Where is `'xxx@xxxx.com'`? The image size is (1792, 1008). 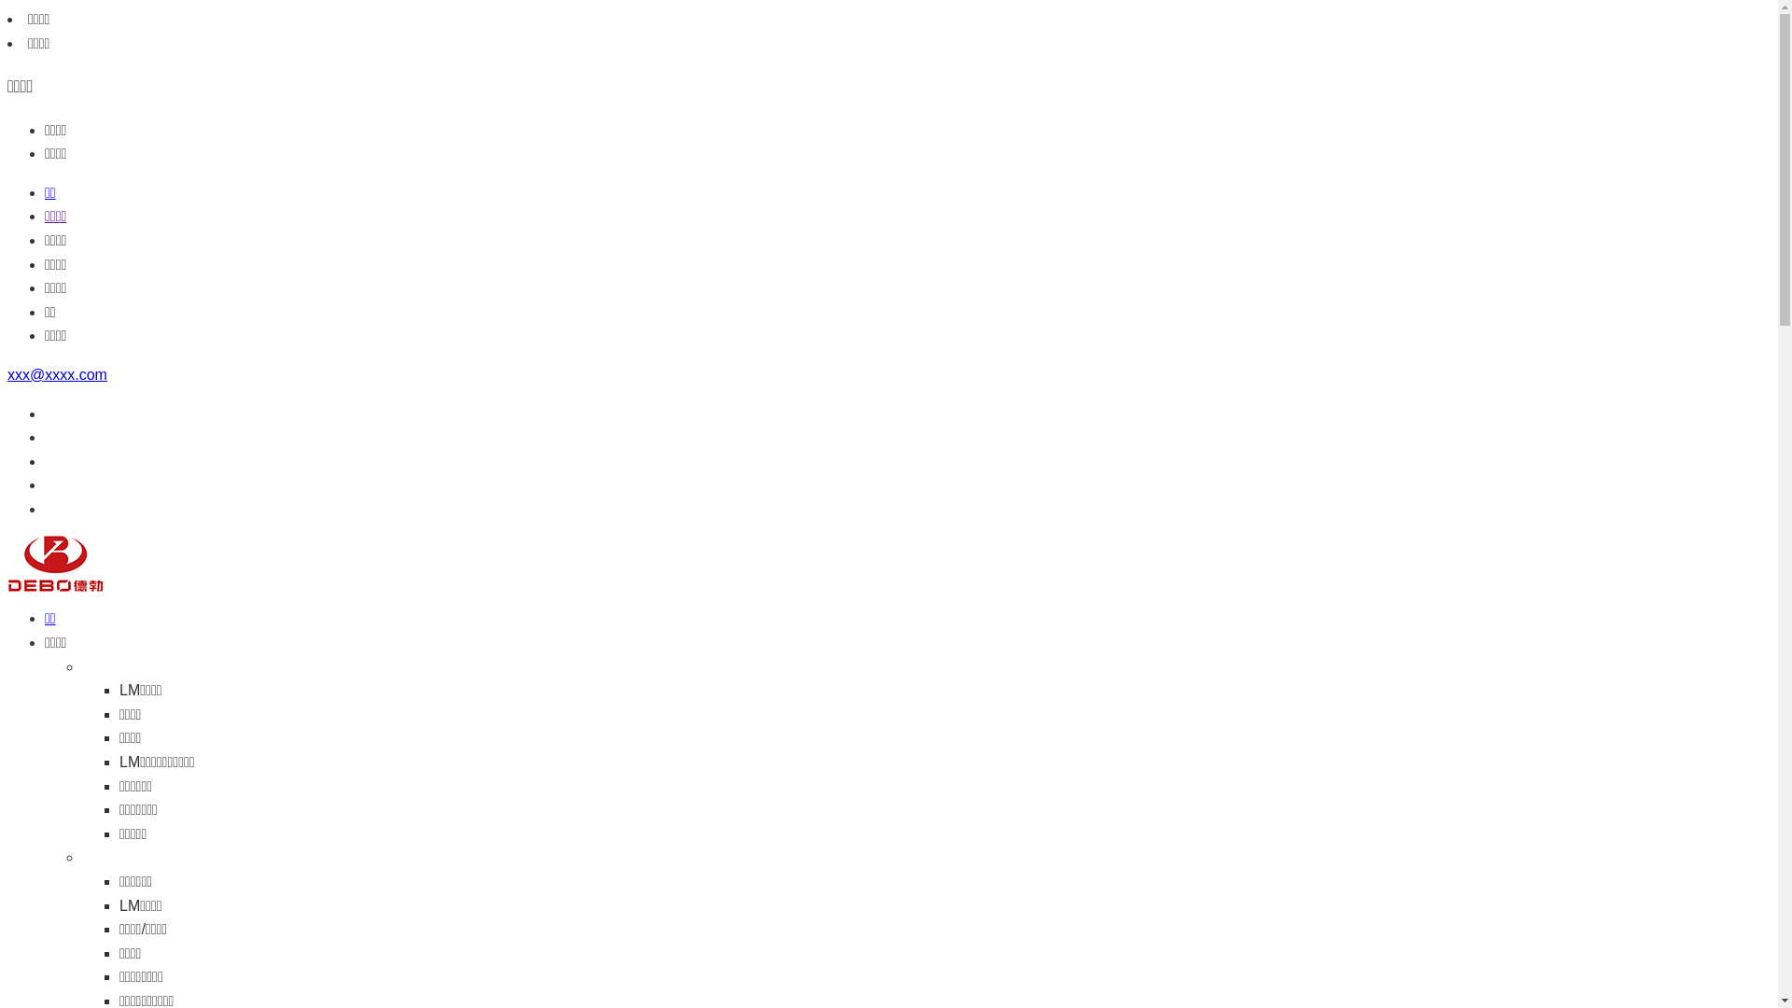 'xxx@xxxx.com' is located at coordinates (57, 374).